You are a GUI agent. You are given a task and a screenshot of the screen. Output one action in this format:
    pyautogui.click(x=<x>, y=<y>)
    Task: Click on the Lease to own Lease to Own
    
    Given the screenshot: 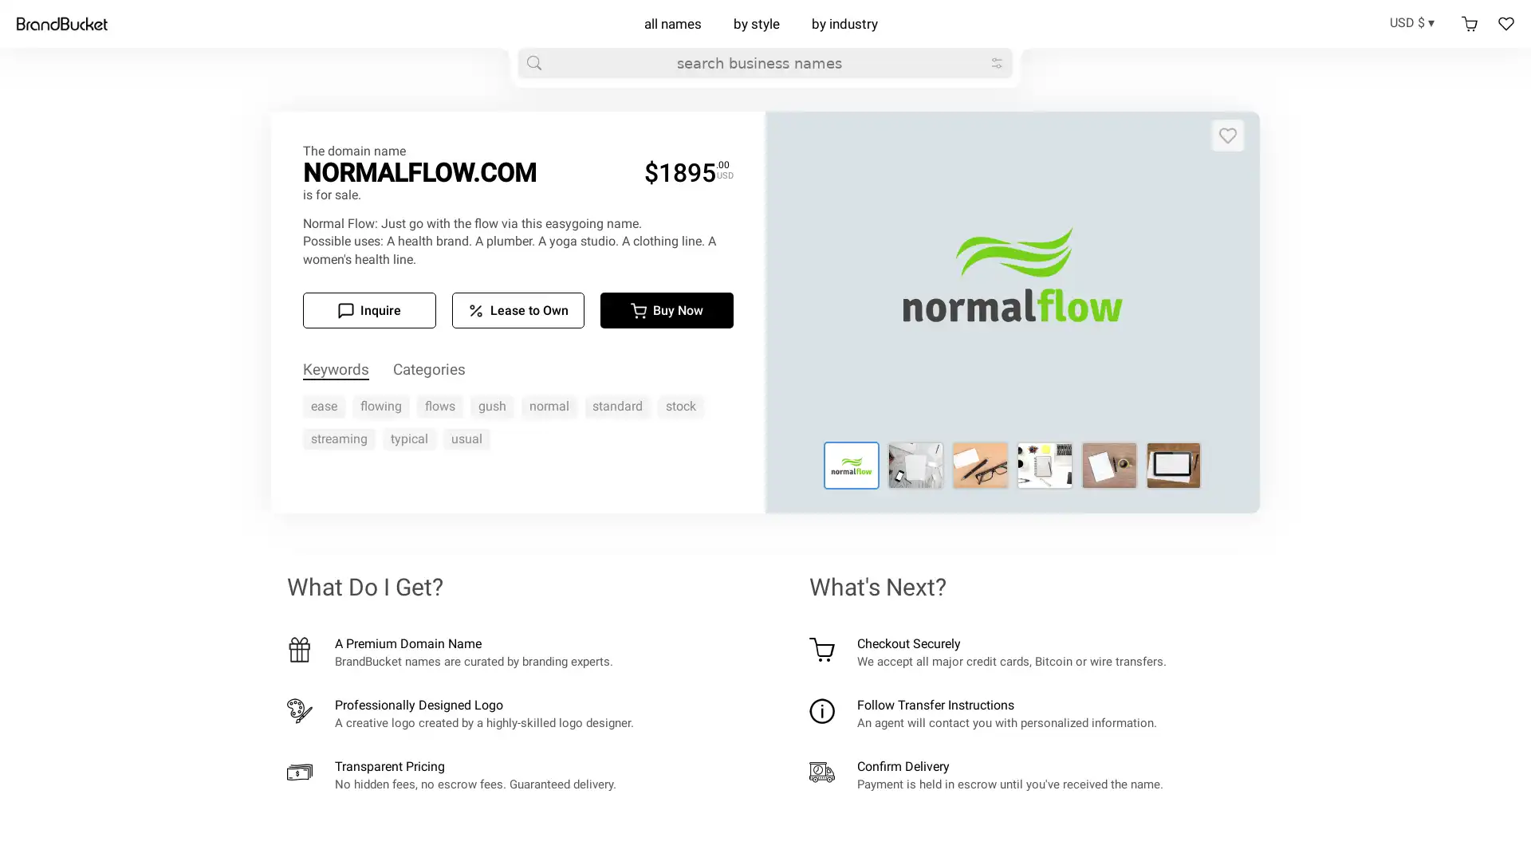 What is the action you would take?
    pyautogui.click(x=518, y=310)
    